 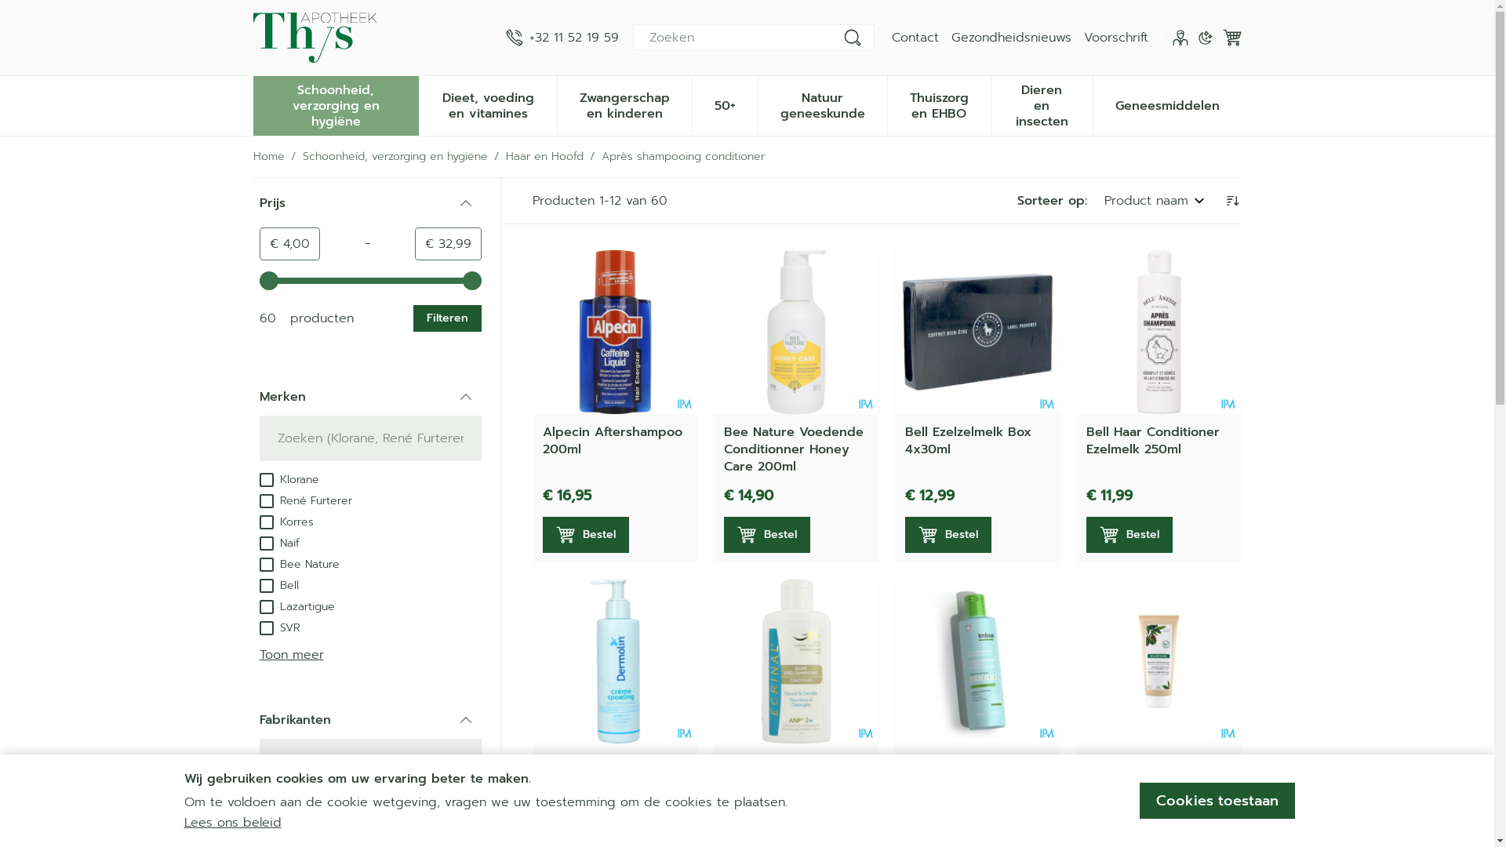 I want to click on 'on', so click(x=266, y=565).